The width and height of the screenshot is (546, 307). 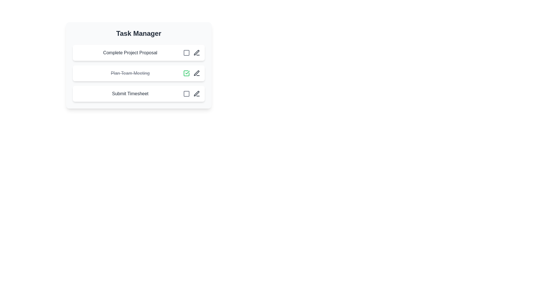 I want to click on the edit icon (pen tool) located adjacent to the 'Submit Timesheet' text on the bottom row, so click(x=197, y=94).